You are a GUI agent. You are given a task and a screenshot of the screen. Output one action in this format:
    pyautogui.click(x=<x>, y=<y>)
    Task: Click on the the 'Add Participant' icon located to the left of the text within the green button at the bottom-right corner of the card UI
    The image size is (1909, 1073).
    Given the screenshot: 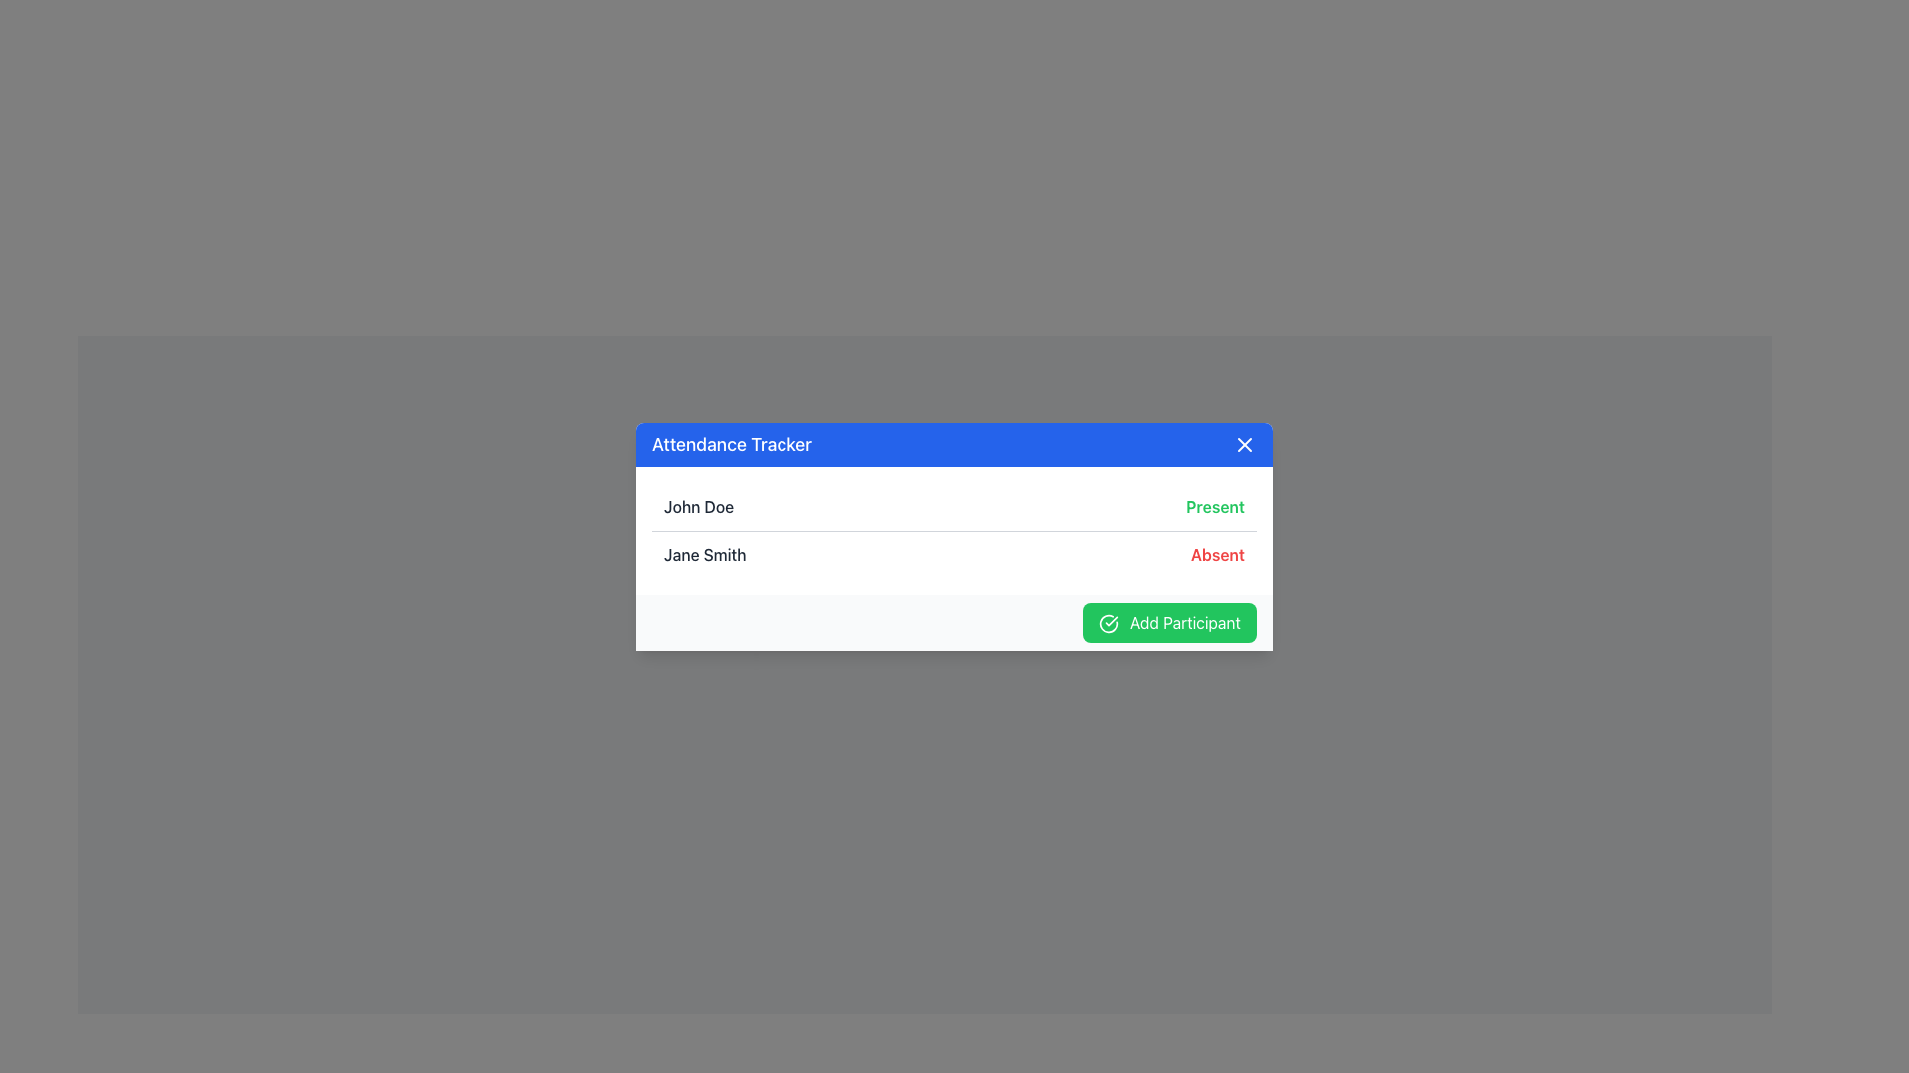 What is the action you would take?
    pyautogui.click(x=1107, y=623)
    